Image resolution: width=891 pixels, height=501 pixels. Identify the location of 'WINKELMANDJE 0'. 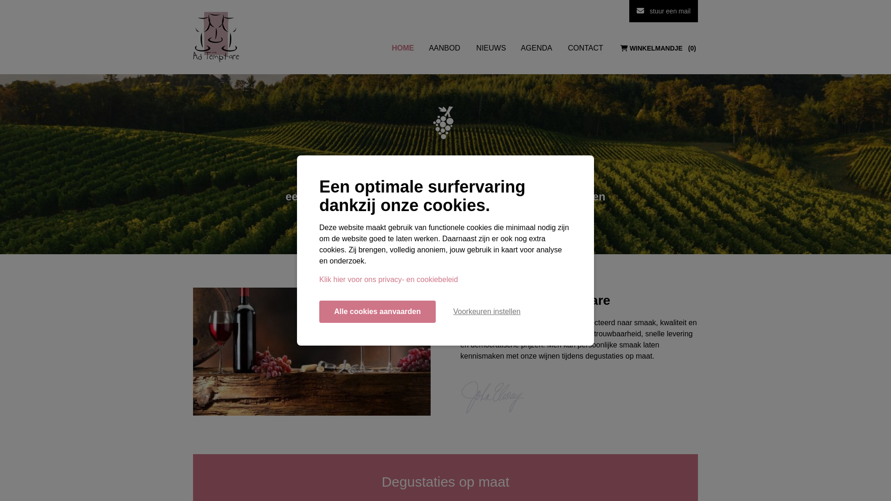
(658, 48).